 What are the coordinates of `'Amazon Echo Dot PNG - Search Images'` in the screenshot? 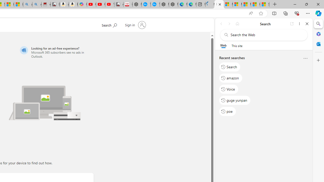 It's located at (36, 4).